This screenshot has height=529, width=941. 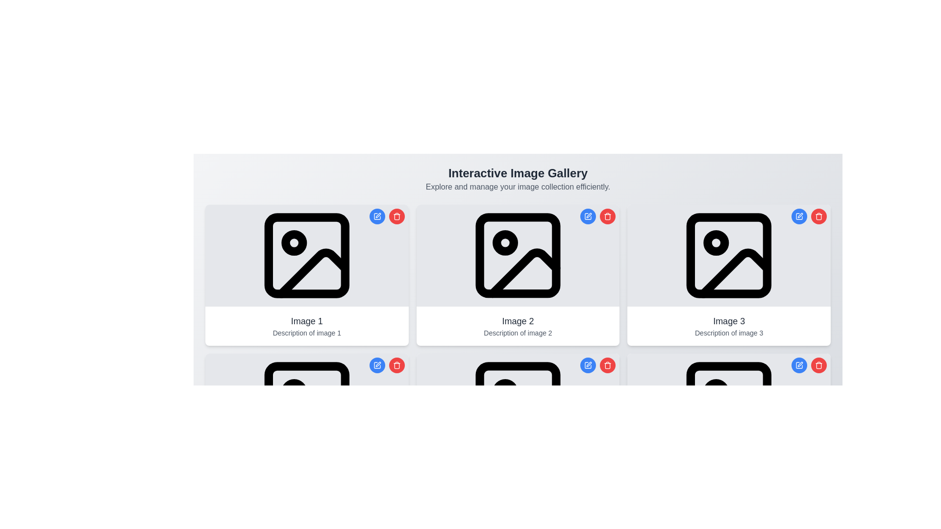 What do you see at coordinates (809, 365) in the screenshot?
I see `the blue button with a white pen icon` at bounding box center [809, 365].